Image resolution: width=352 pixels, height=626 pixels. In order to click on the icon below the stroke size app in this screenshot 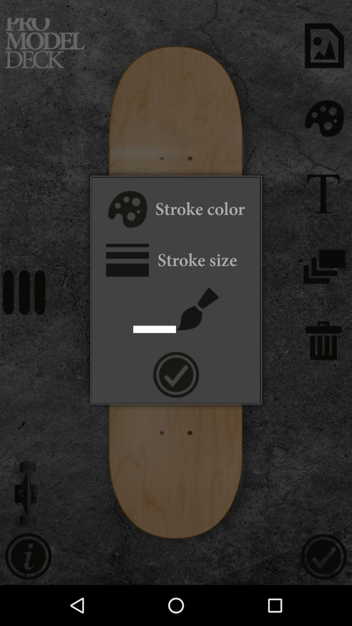, I will do `click(197, 308)`.